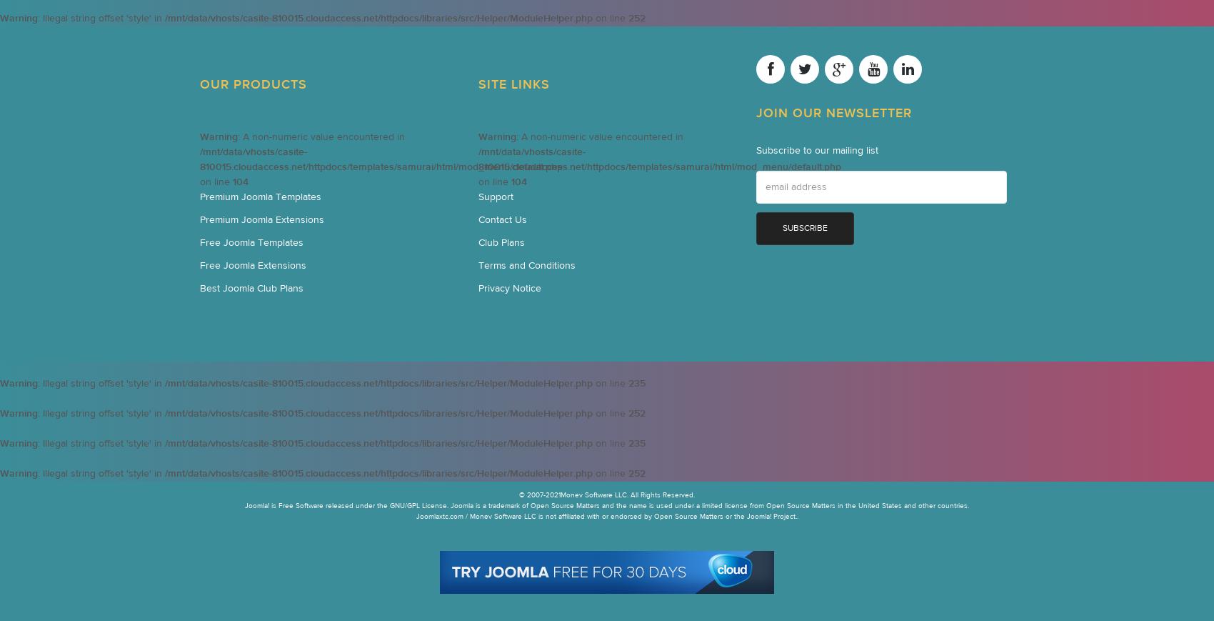  What do you see at coordinates (607, 495) in the screenshot?
I see `'© 2007-2021Monev Software LLC. All Rights Reserved.'` at bounding box center [607, 495].